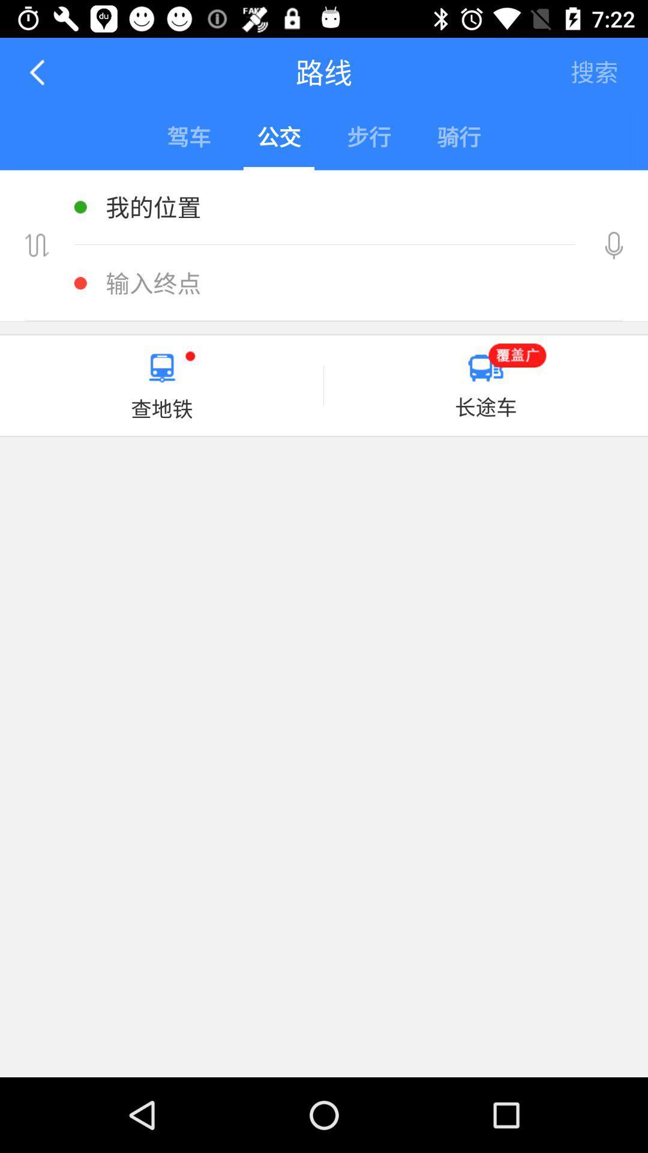 This screenshot has height=1153, width=648. What do you see at coordinates (614, 244) in the screenshot?
I see `record button` at bounding box center [614, 244].